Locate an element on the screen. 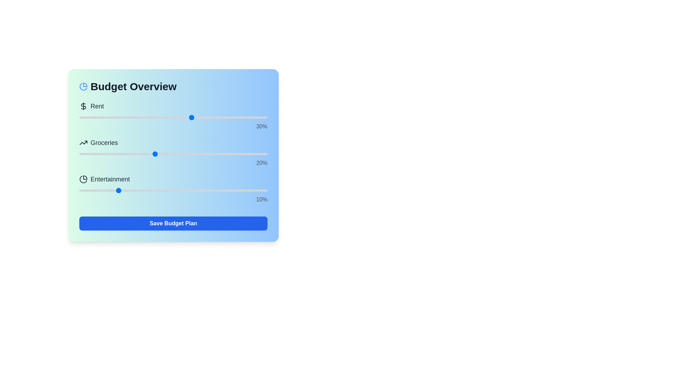 This screenshot has height=379, width=674. the 'Entertainment' slider is located at coordinates (146, 191).